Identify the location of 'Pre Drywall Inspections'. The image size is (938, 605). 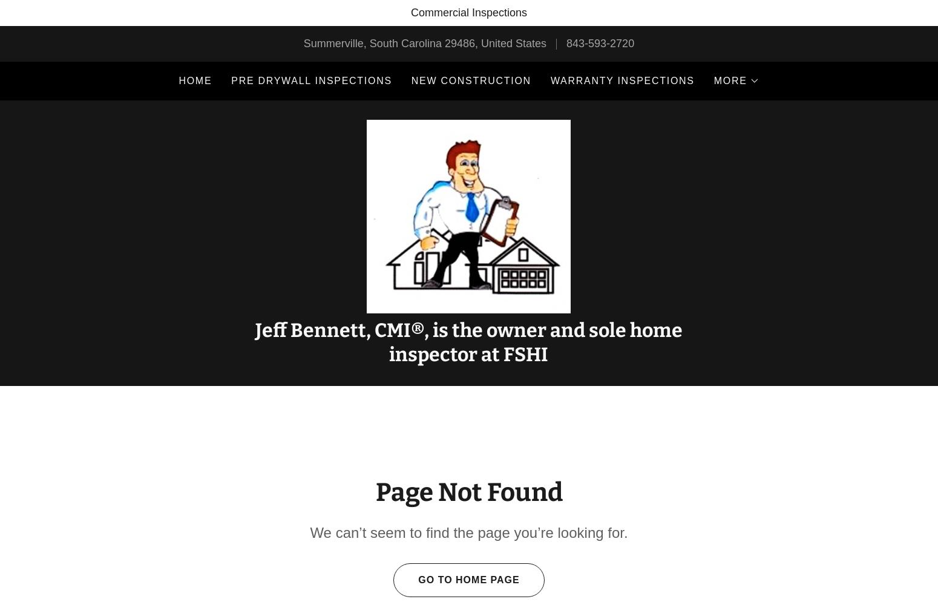
(310, 80).